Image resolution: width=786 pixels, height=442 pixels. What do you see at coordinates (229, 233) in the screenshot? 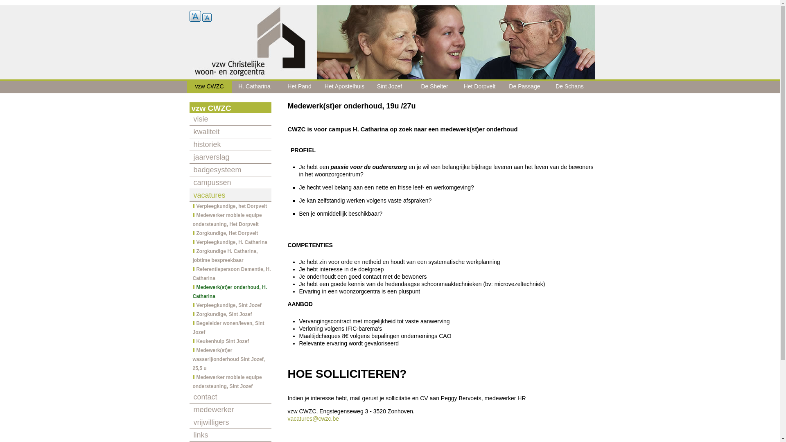
I see `'Zorgkundige, Het Dorpvelt'` at bounding box center [229, 233].